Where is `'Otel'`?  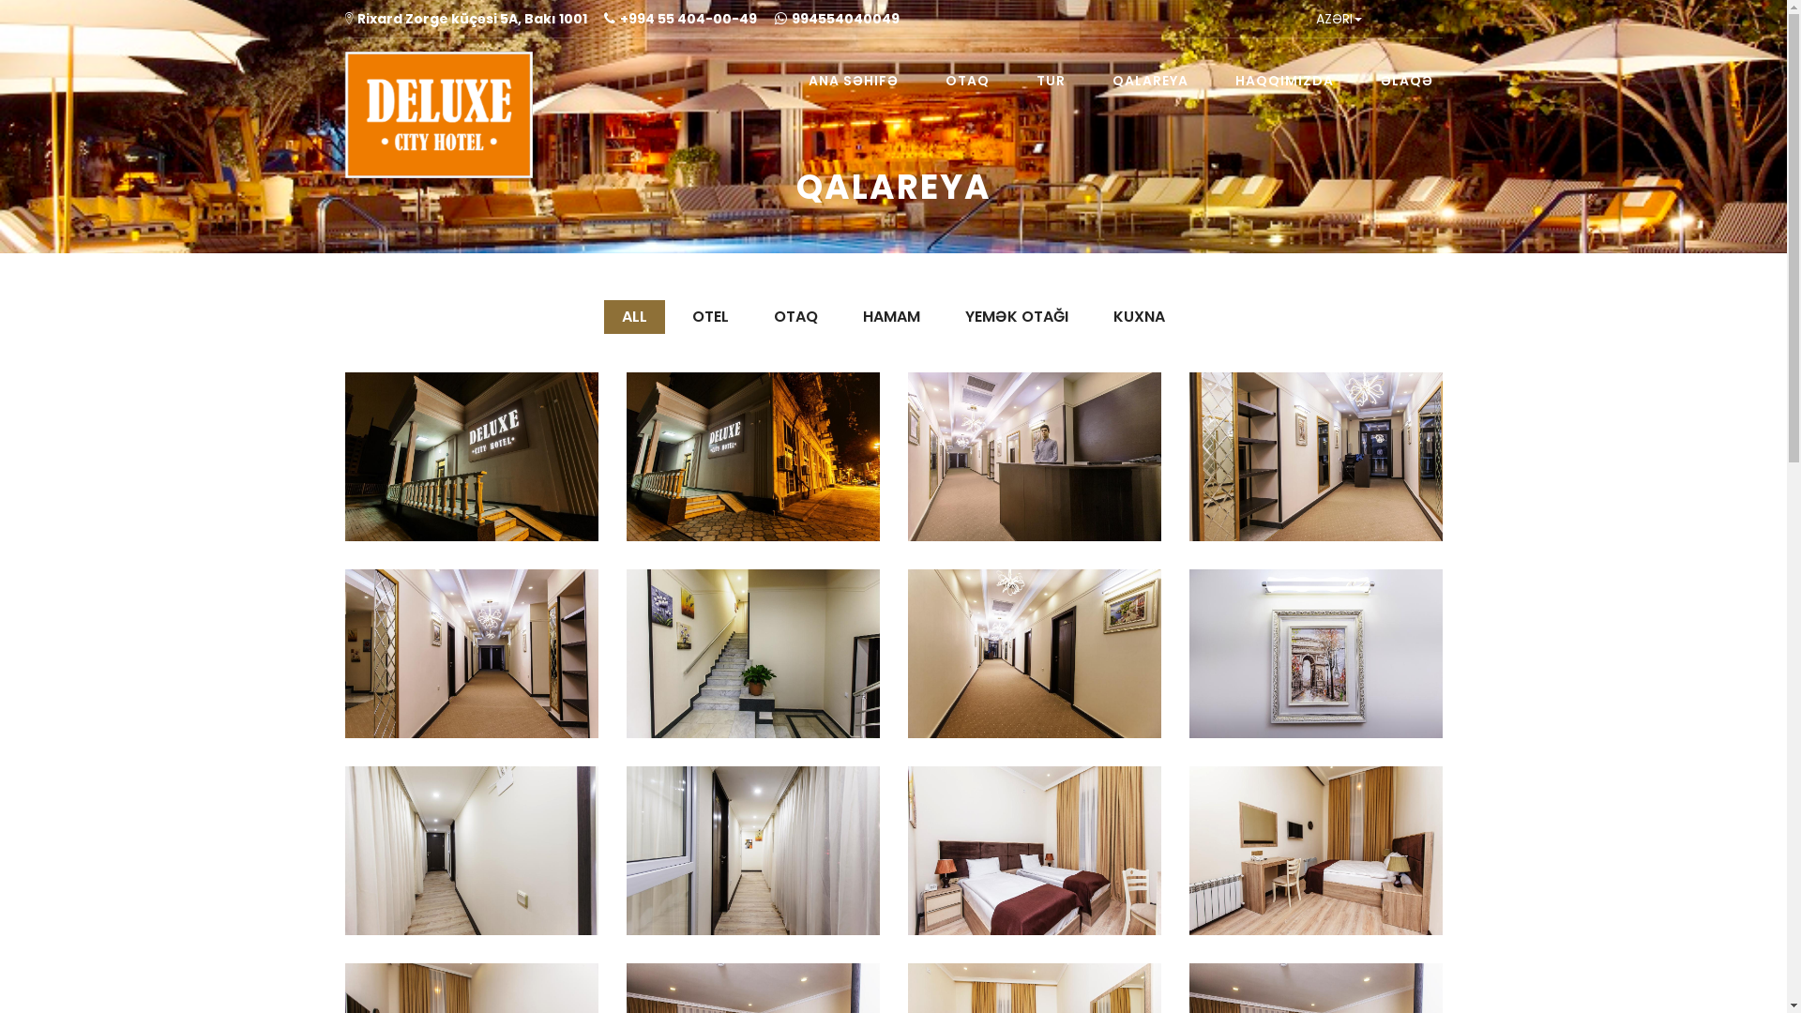 'Otel' is located at coordinates (752, 456).